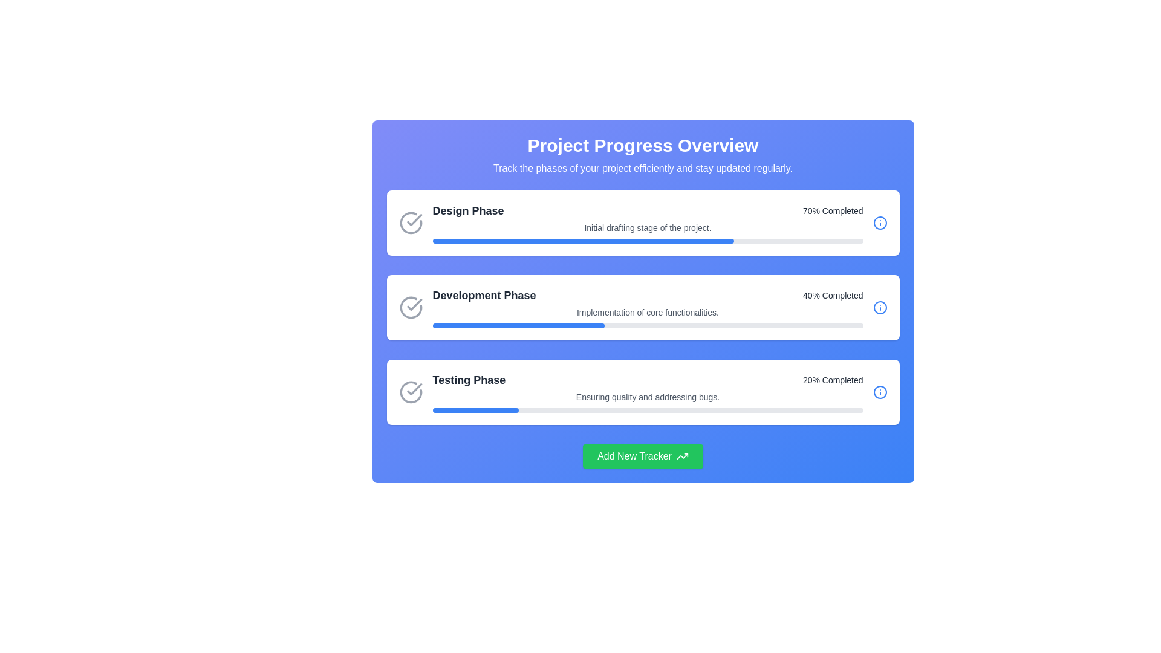 The width and height of the screenshot is (1161, 653). I want to click on the blue SVG circle information icon located on the right side of the 'Testing Phase' tracker, so click(880, 392).